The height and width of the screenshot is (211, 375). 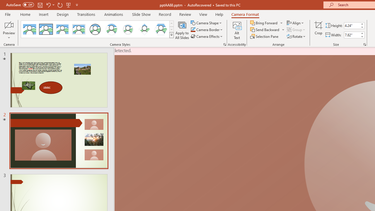 What do you see at coordinates (265, 36) in the screenshot?
I see `'Selection Pane...'` at bounding box center [265, 36].